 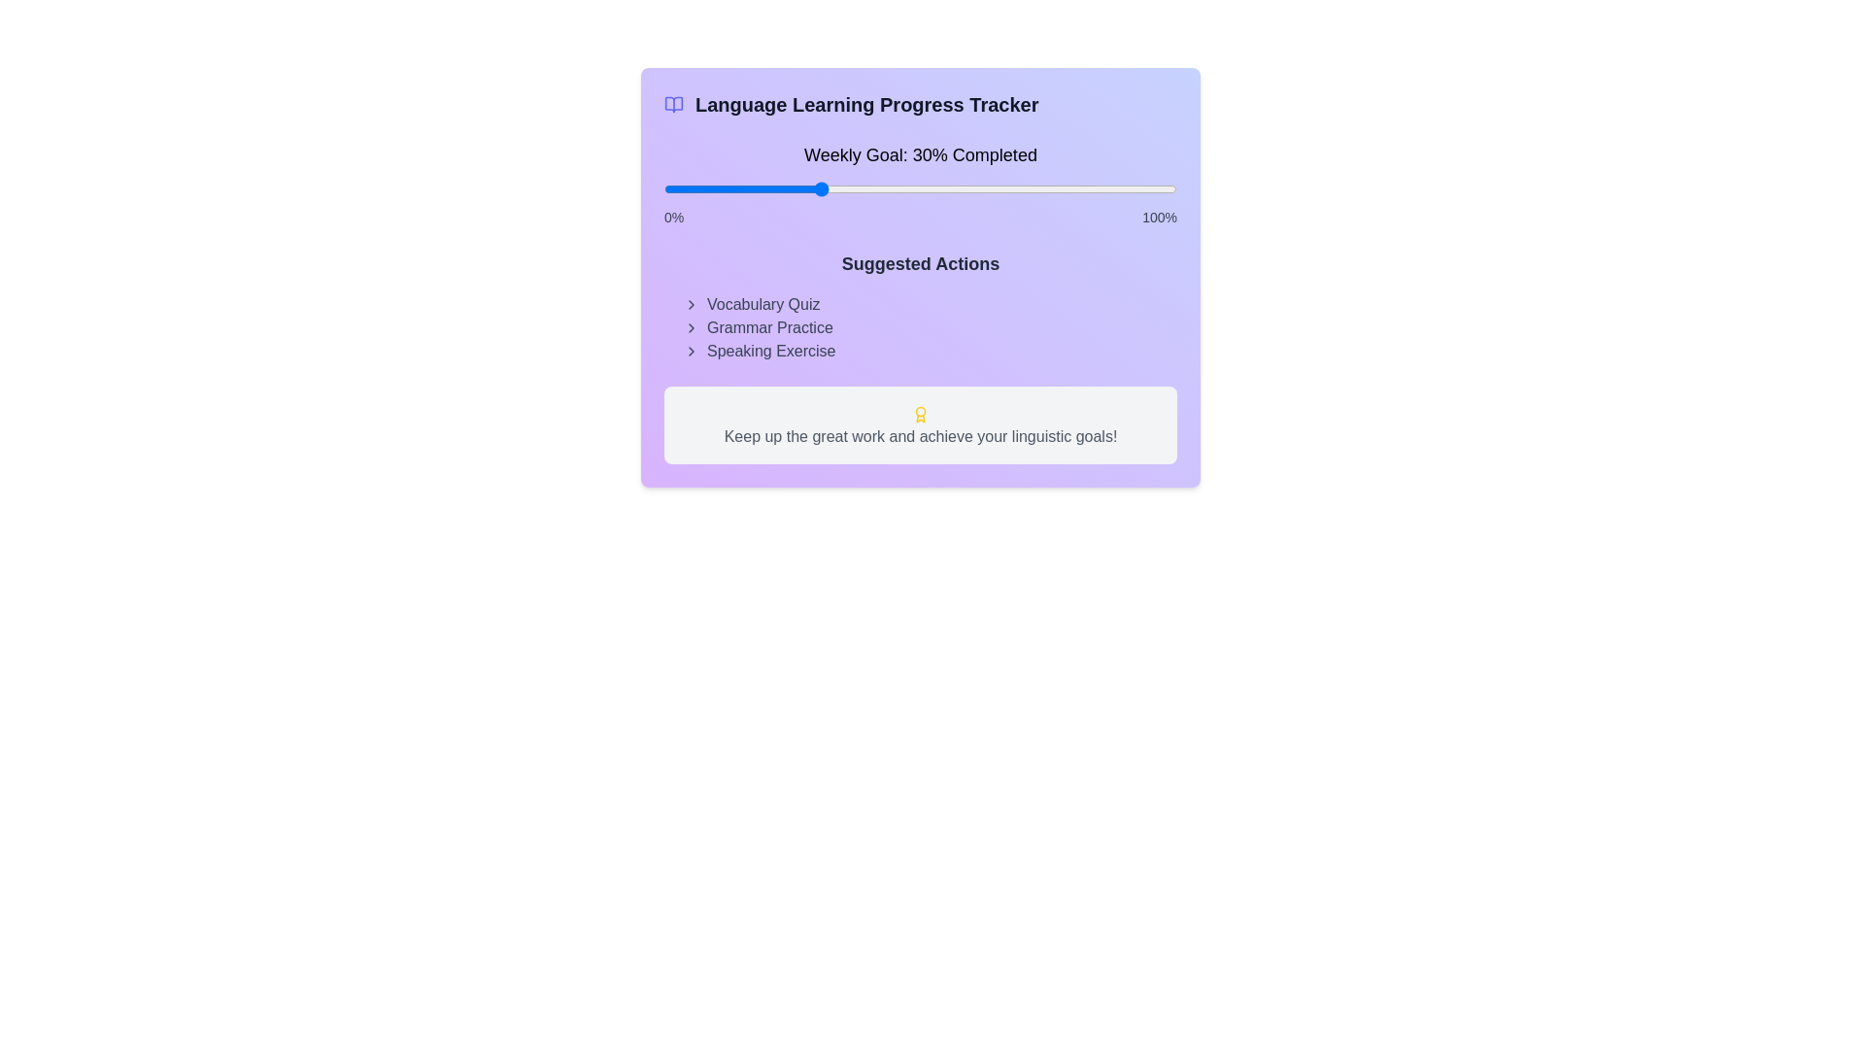 What do you see at coordinates (765, 189) in the screenshot?
I see `the progress slider to set the weekly goal completion percentage to 20` at bounding box center [765, 189].